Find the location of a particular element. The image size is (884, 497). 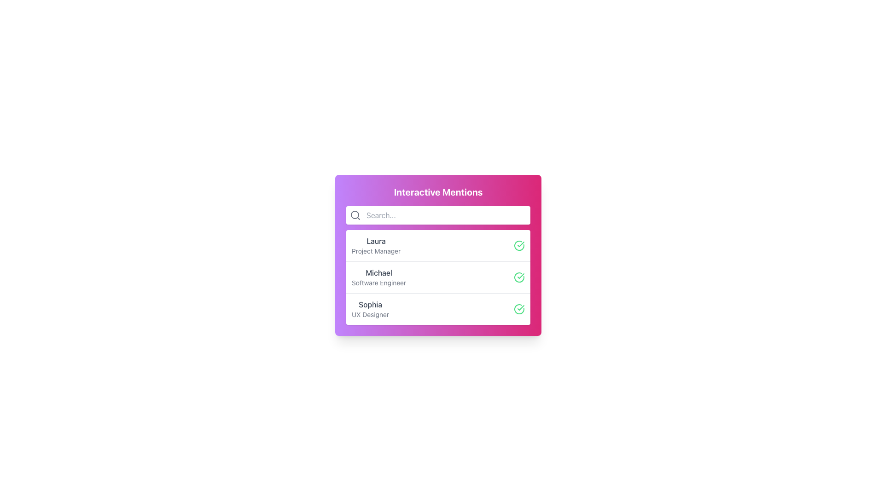

the Text display block that shows 'Michael' and 'Software Engineer', which is the second item in the vertically stacked list of names is located at coordinates (379, 277).